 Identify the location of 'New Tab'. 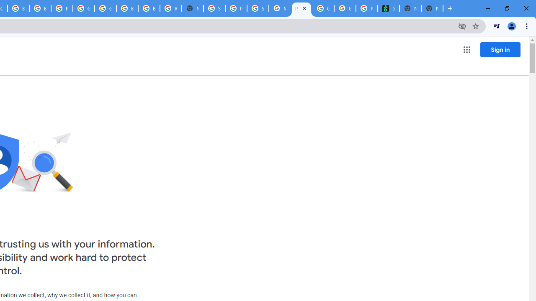
(432, 8).